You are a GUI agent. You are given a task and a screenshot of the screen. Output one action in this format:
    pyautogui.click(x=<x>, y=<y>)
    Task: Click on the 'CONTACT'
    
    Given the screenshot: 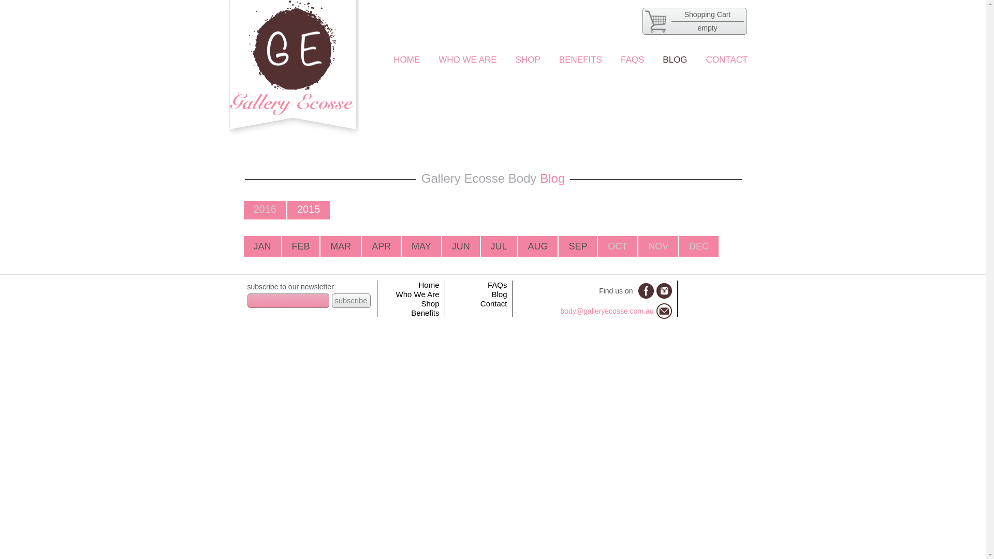 What is the action you would take?
    pyautogui.click(x=726, y=60)
    